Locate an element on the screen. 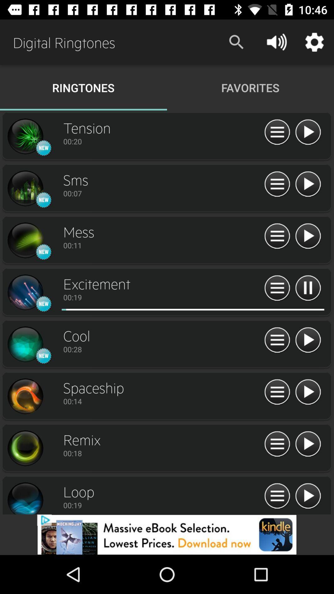 This screenshot has width=334, height=594. setting is located at coordinates (25, 136).